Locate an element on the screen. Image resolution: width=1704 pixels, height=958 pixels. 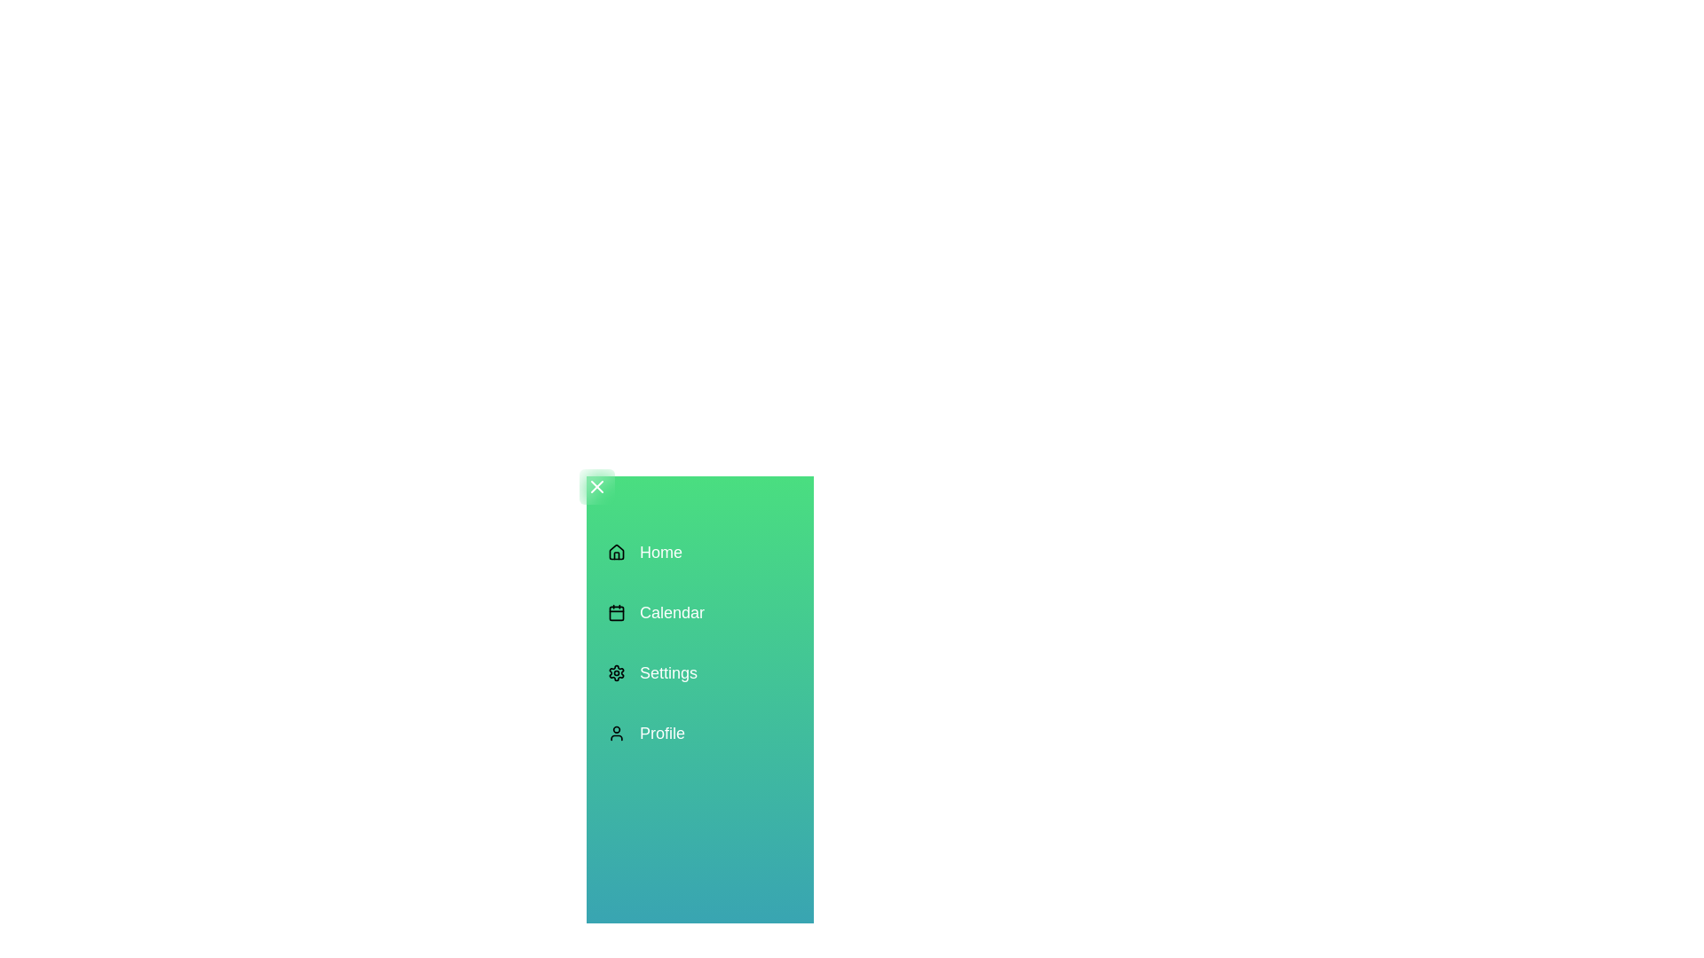
the cogwheel-shaped settings icon is located at coordinates (617, 673).